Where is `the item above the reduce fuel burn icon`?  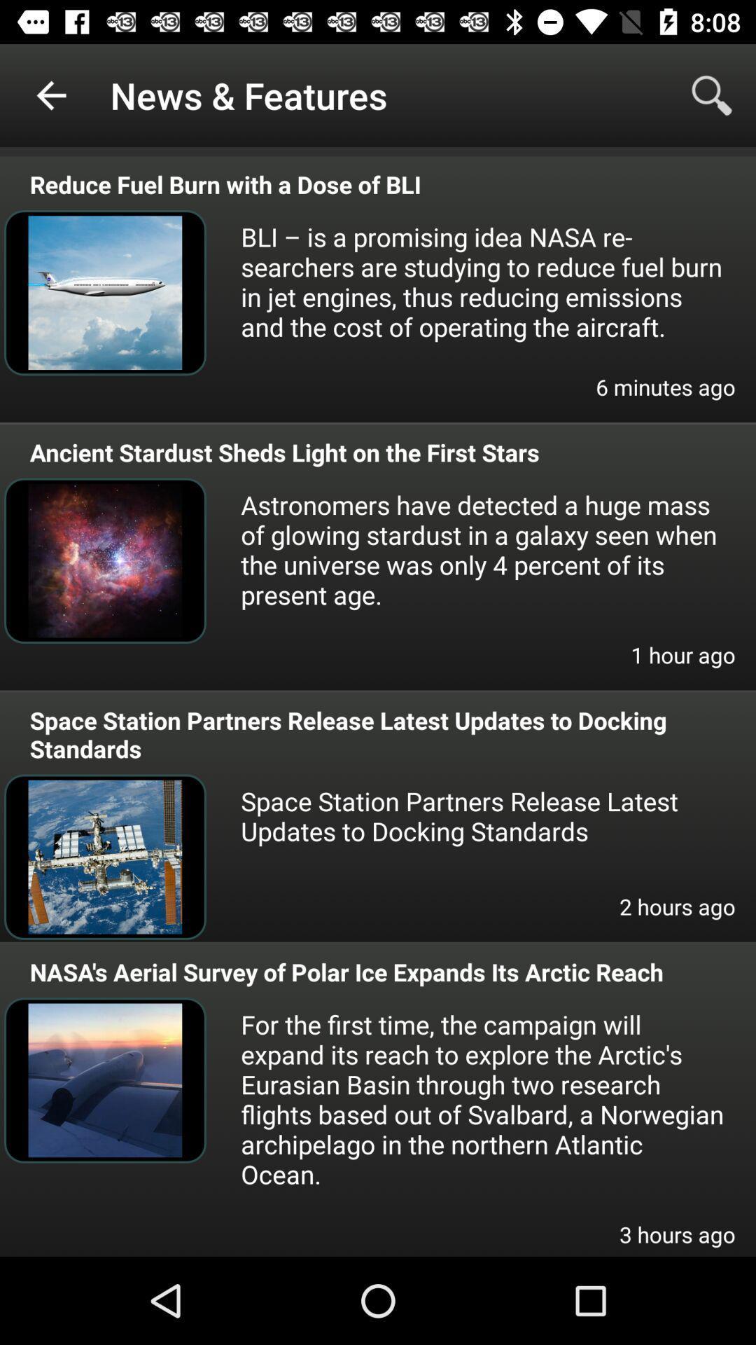 the item above the reduce fuel burn icon is located at coordinates (712, 95).